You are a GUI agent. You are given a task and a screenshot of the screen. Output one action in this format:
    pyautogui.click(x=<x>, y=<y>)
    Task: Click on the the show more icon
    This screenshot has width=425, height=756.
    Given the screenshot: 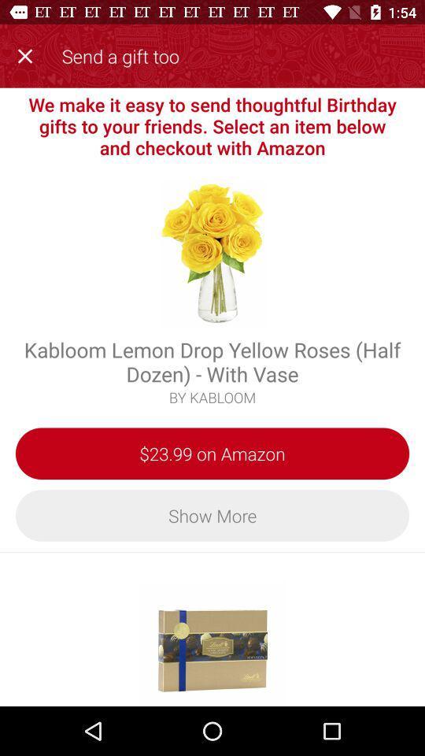 What is the action you would take?
    pyautogui.click(x=213, y=514)
    